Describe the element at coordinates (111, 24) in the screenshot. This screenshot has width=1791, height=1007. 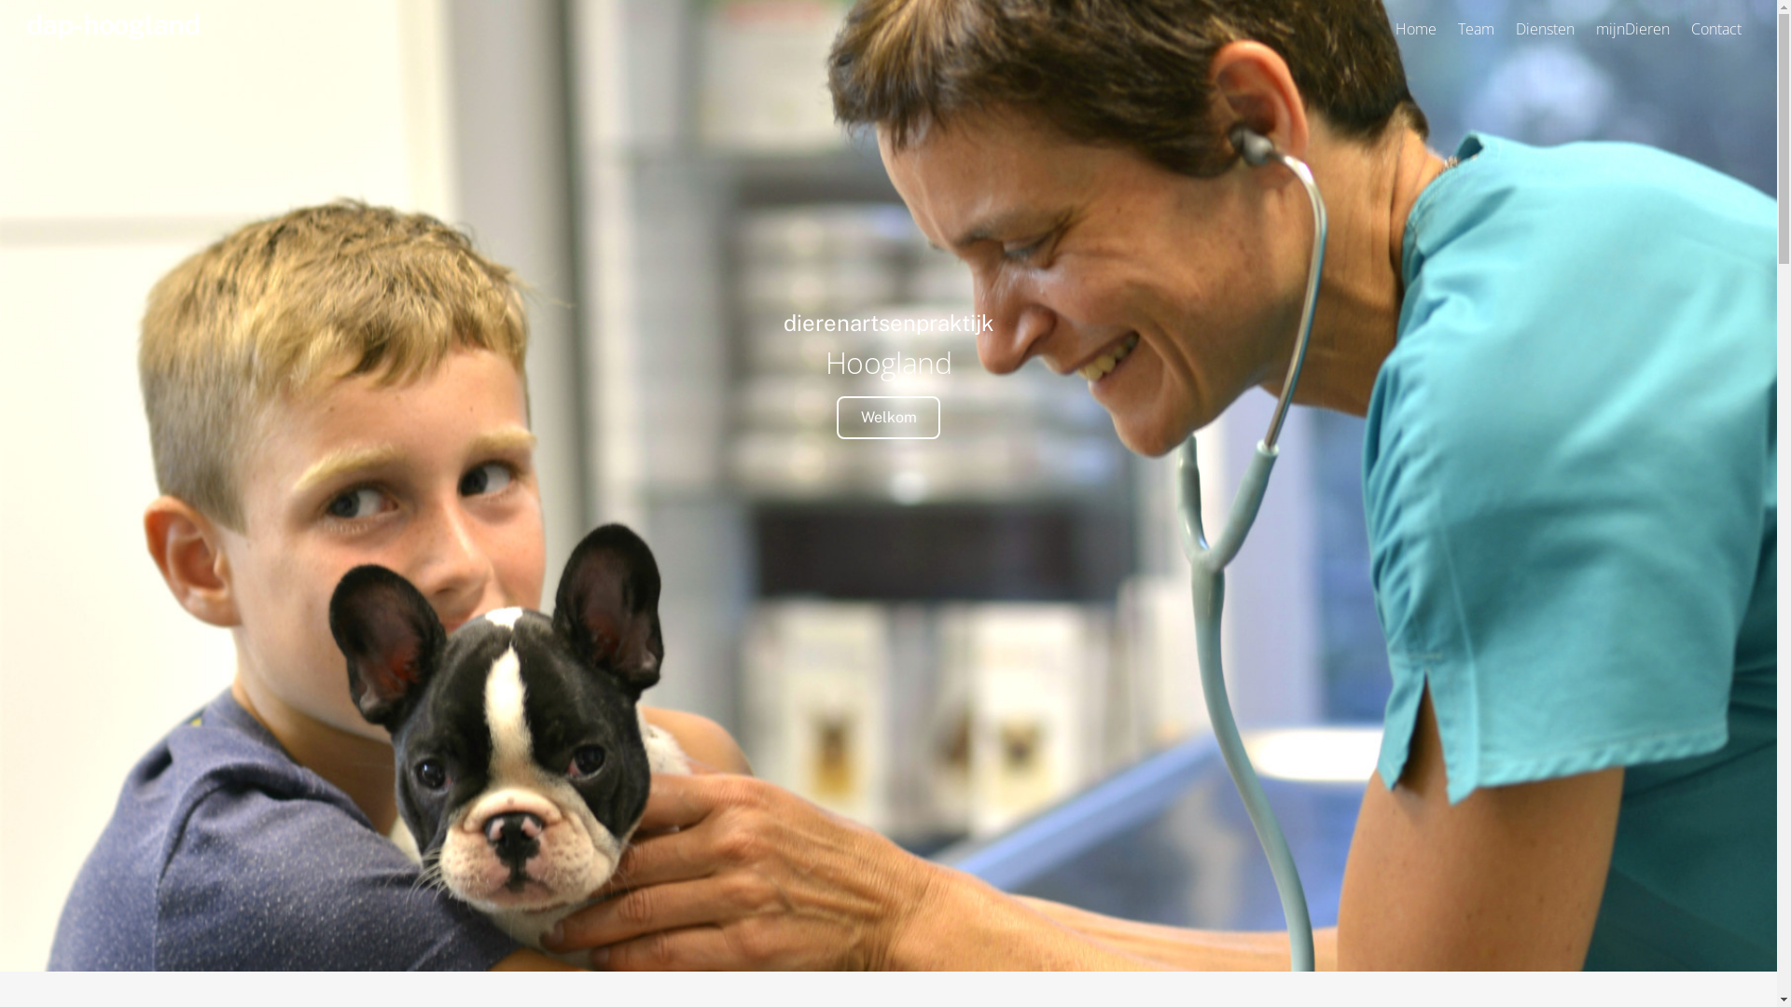
I see `'dap-hoogland'` at that location.